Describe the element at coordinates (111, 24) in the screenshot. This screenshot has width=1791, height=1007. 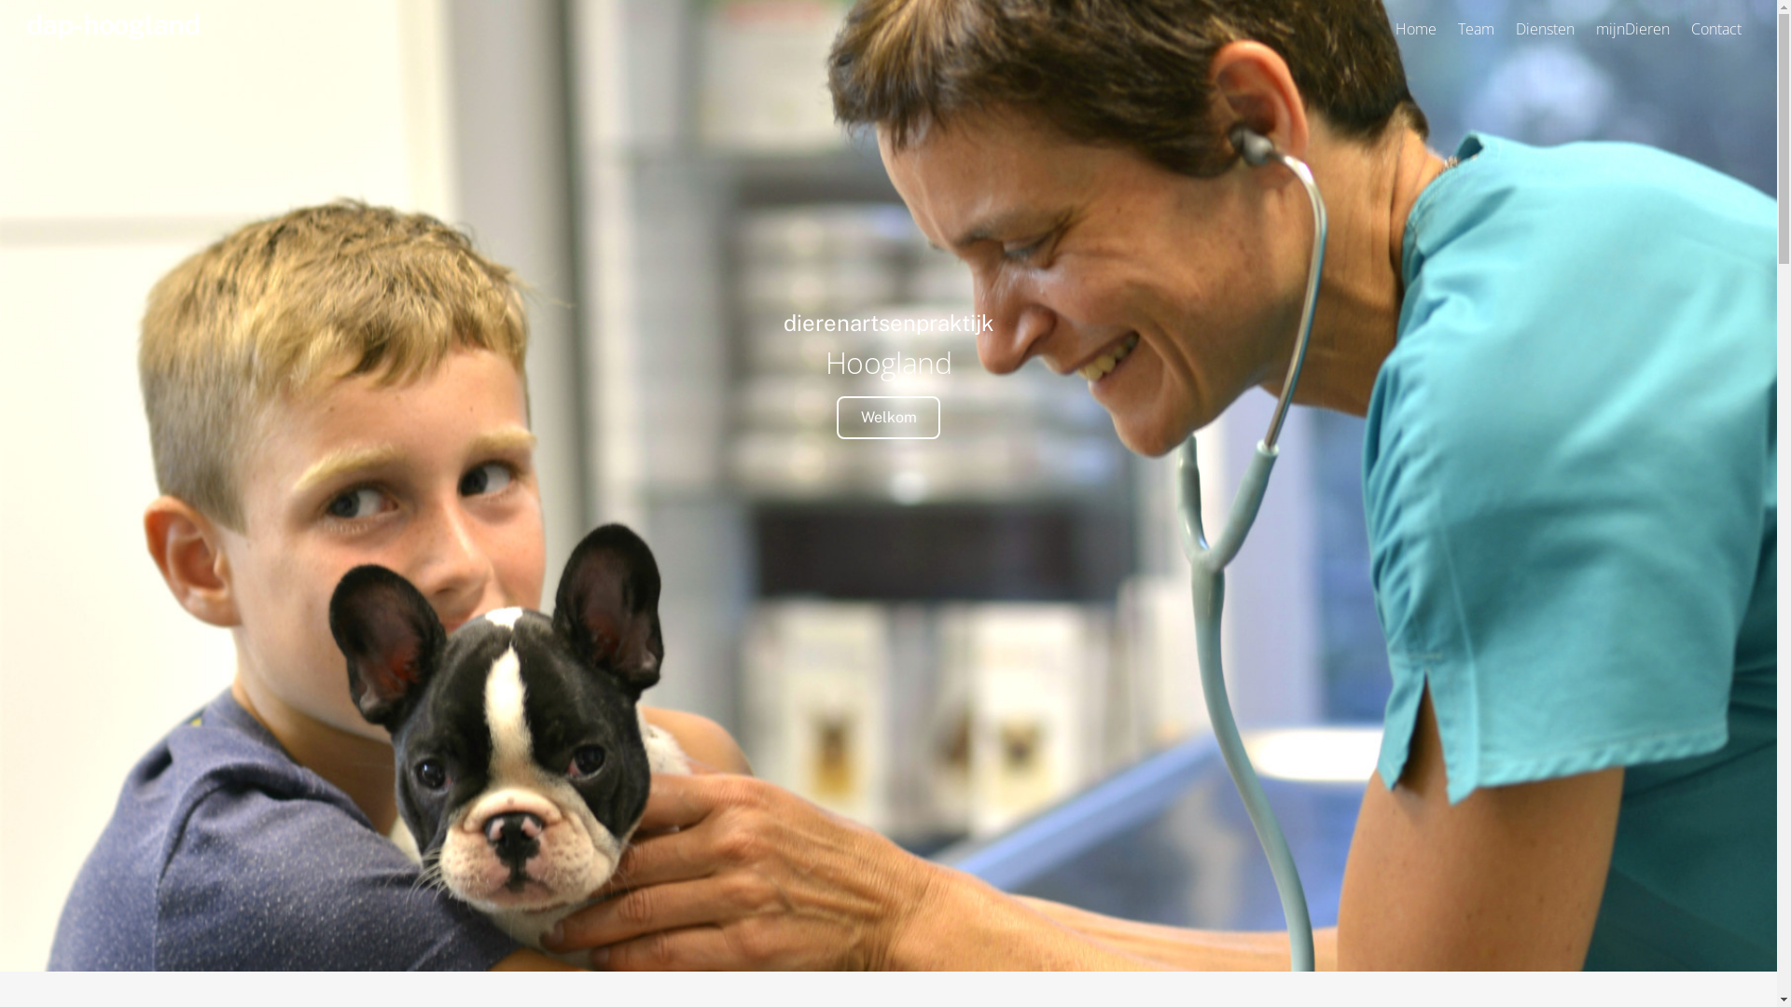
I see `'dap-hoogland'` at that location.